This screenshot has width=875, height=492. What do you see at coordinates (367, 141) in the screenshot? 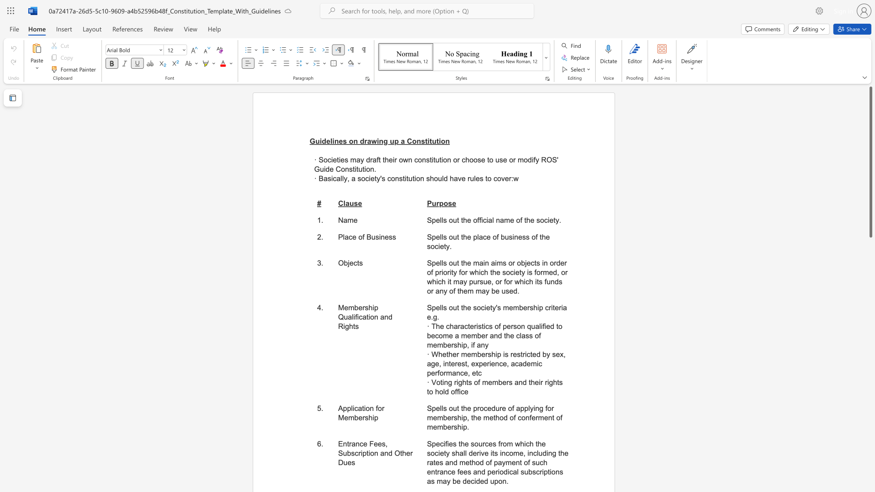
I see `the subset text "awing up a Constitu" within the text "Guidelines on drawing up a Constitution"` at bounding box center [367, 141].